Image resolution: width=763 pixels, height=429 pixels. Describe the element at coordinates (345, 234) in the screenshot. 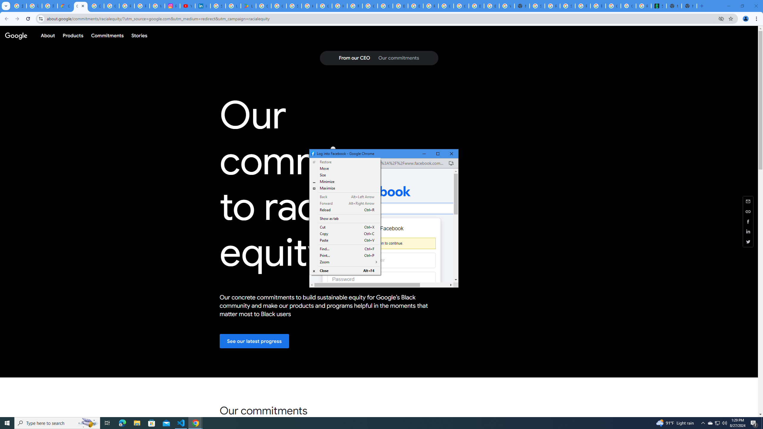

I see `'Copy	Ctrl+C'` at that location.